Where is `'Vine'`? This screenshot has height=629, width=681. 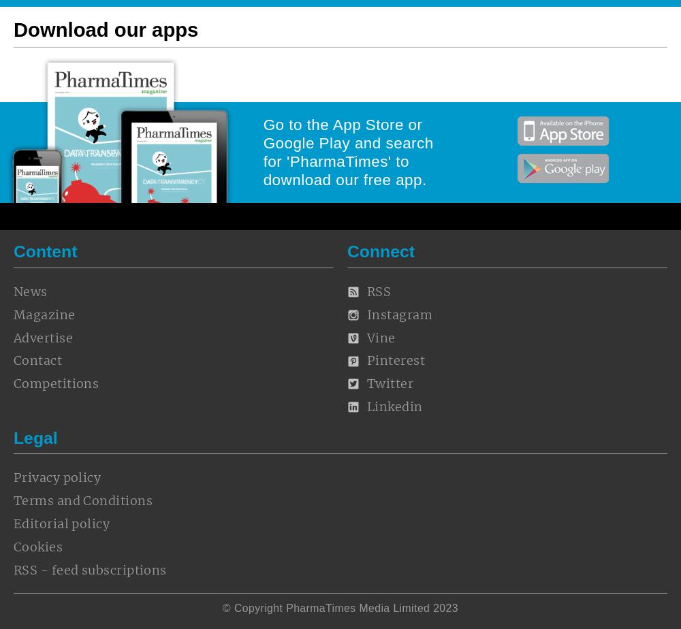
'Vine' is located at coordinates (381, 337).